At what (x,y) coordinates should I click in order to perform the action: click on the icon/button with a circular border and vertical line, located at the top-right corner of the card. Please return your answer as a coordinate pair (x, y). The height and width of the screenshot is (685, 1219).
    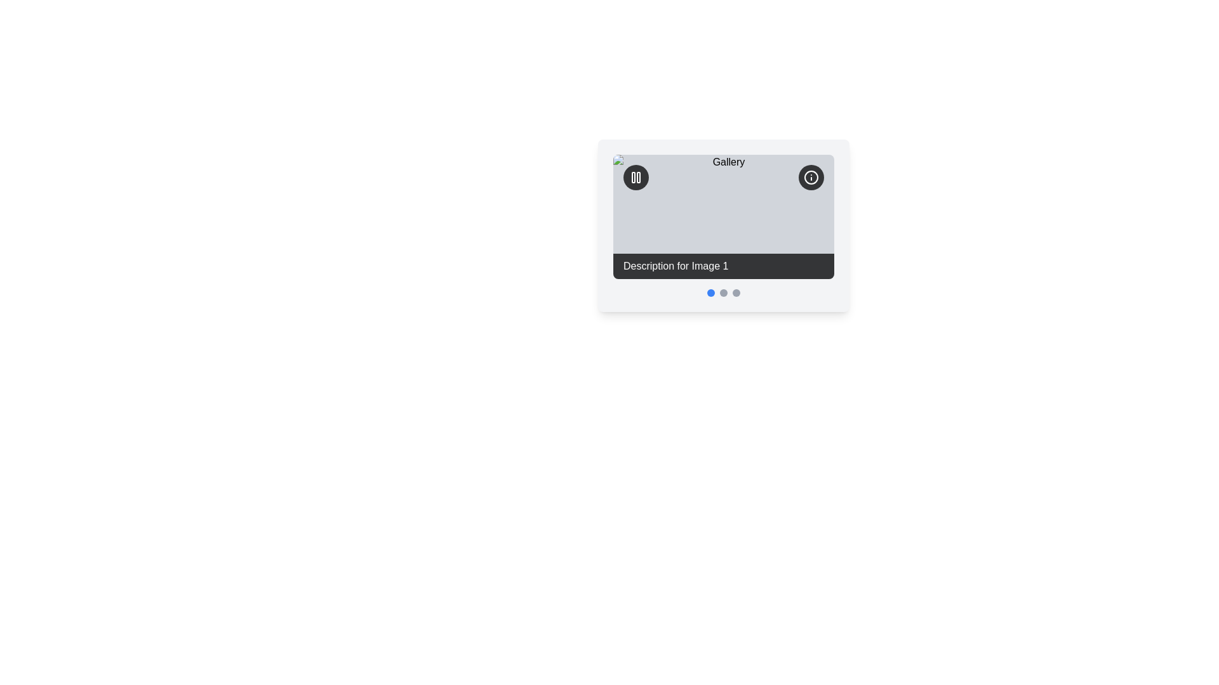
    Looking at the image, I should click on (810, 178).